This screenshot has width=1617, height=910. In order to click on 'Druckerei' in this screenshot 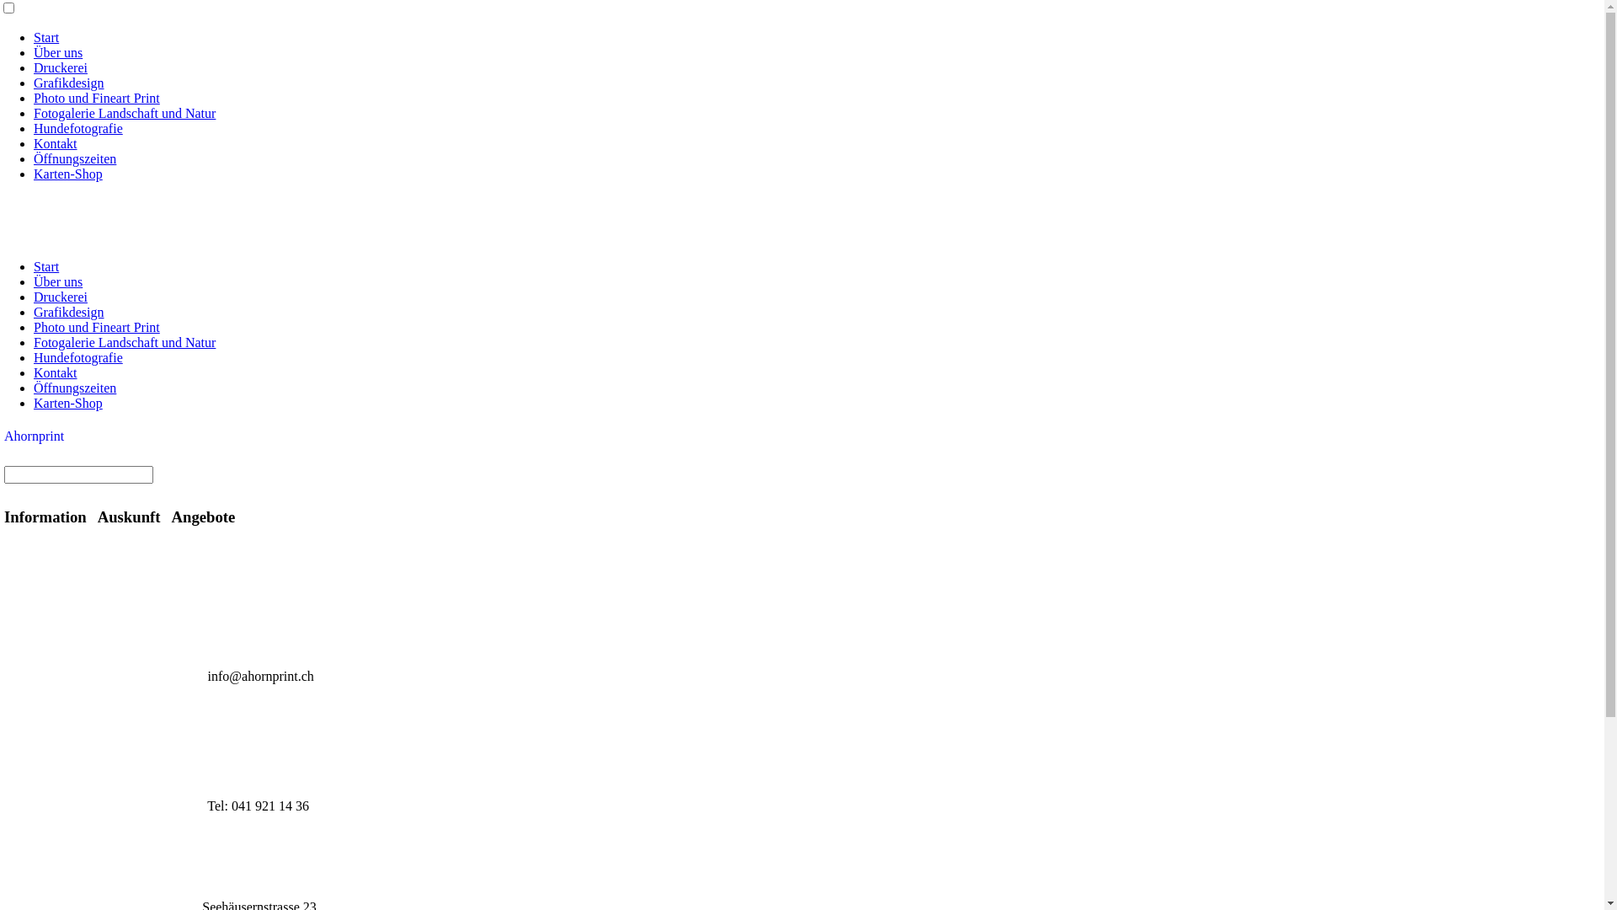, I will do `click(61, 67)`.